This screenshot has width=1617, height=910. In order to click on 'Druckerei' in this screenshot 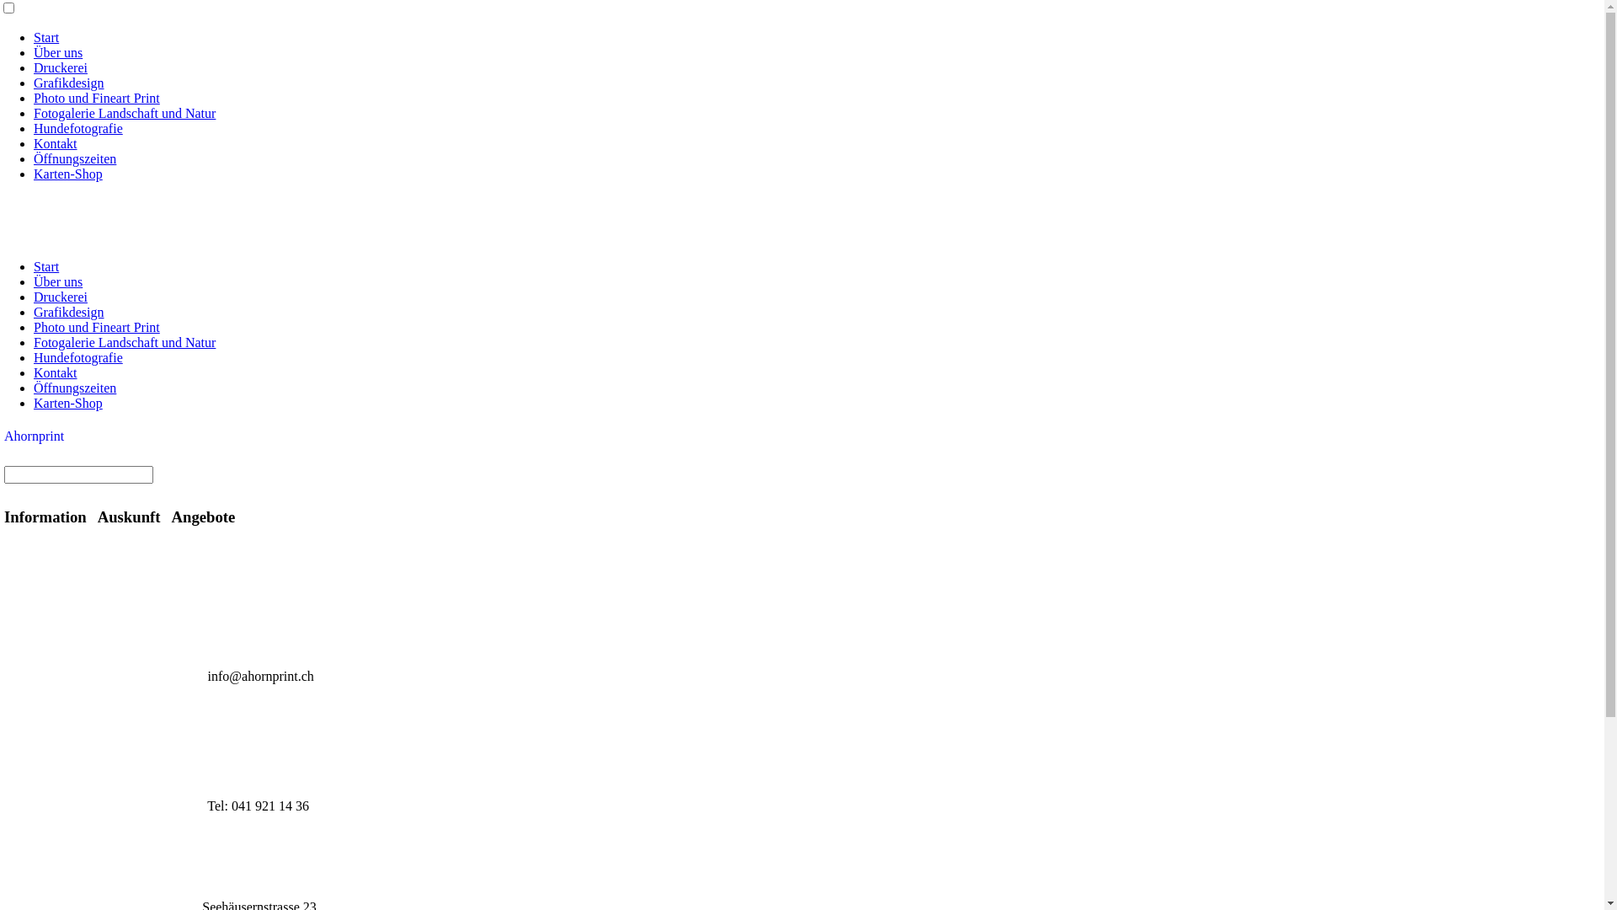, I will do `click(61, 67)`.